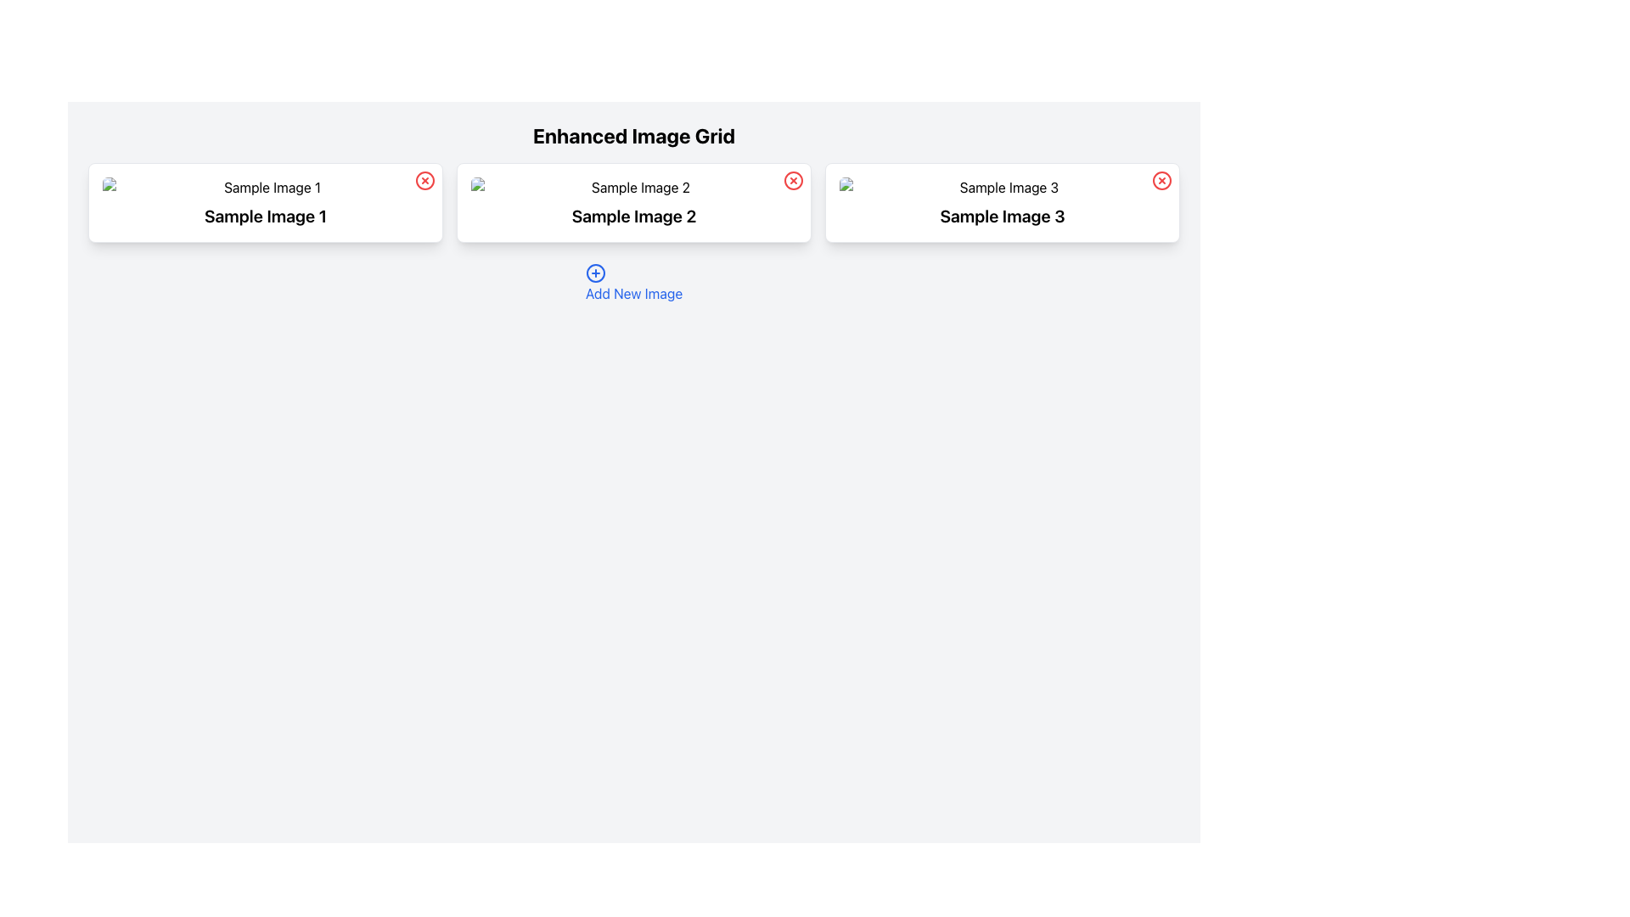 This screenshot has height=917, width=1630. Describe the element at coordinates (424, 180) in the screenshot. I see `the circular red button with an 'X' symbol located at the top-right corner of the card titled 'Sample Image 1'` at that location.